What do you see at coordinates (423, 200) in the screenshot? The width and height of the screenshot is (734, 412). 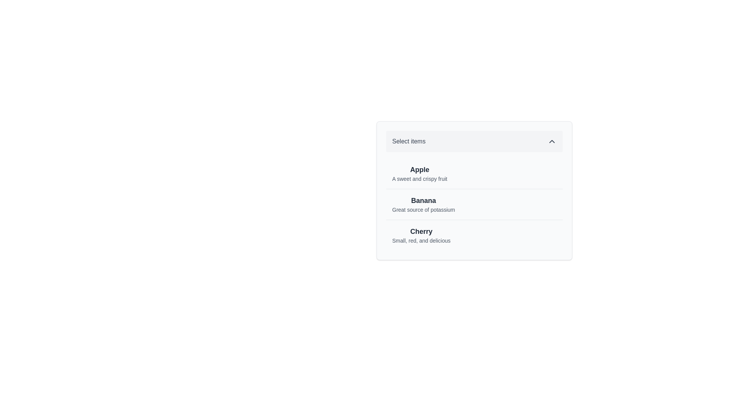 I see `the text label 'Banana', which is styled in a large, bold, dark gray font and is the second item in the dropdown list under 'Select items'` at bounding box center [423, 200].